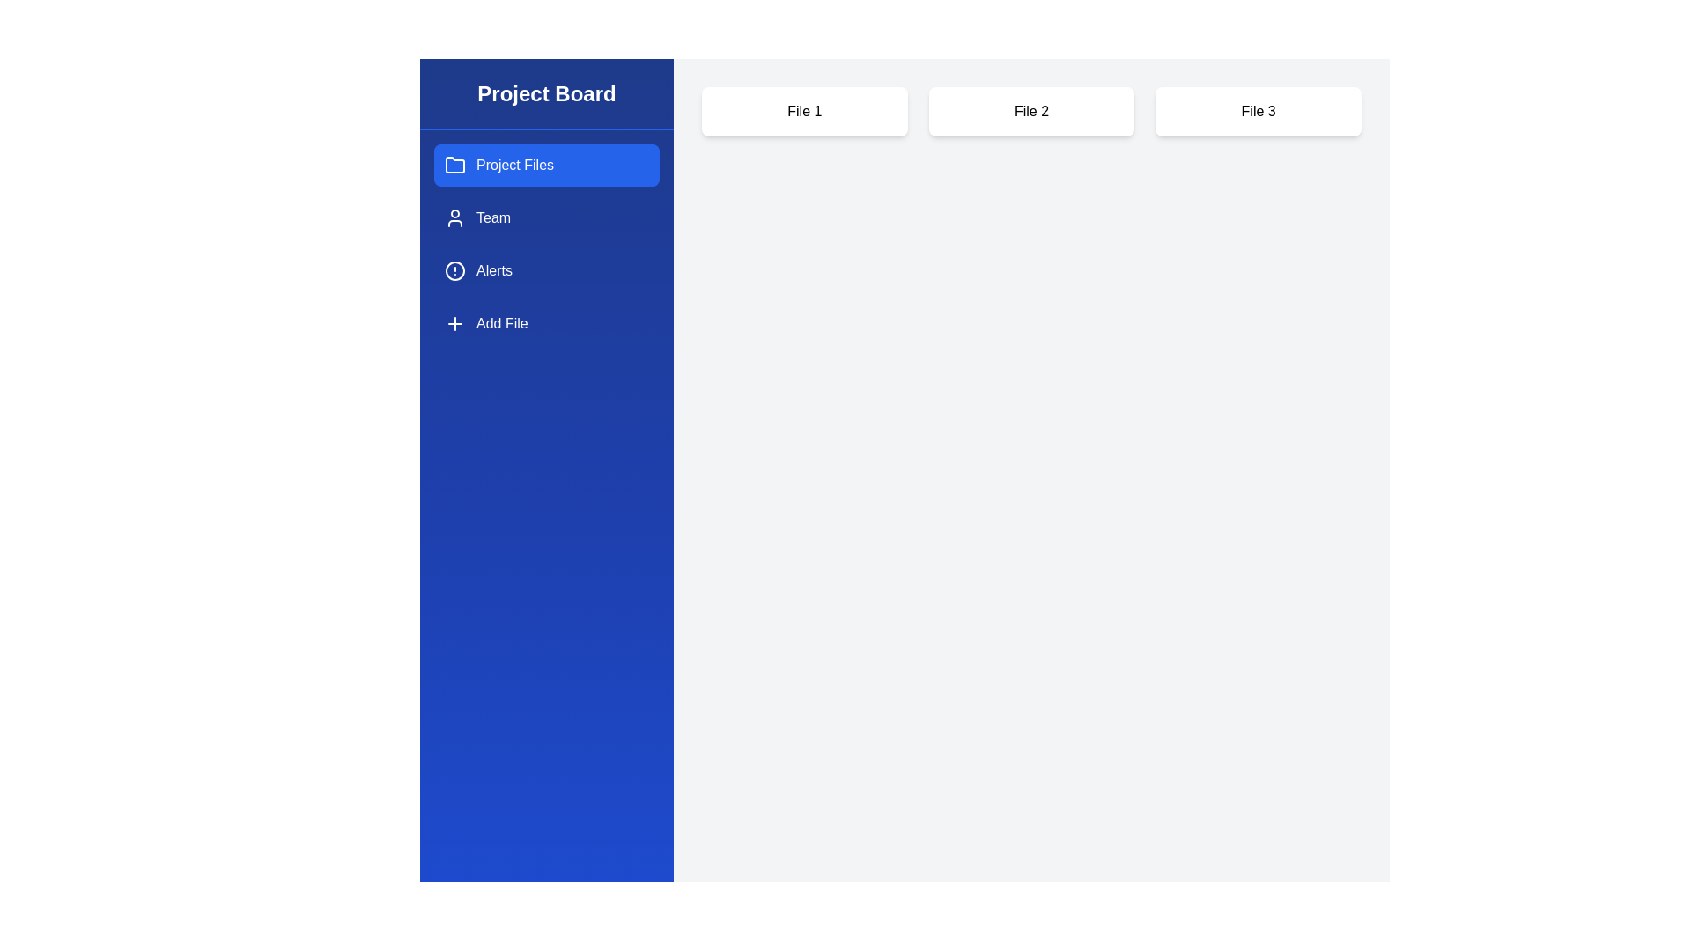 Image resolution: width=1691 pixels, height=951 pixels. I want to click on the blue folder icon located next to the 'Project Files' label in the navigation panel, so click(455, 165).